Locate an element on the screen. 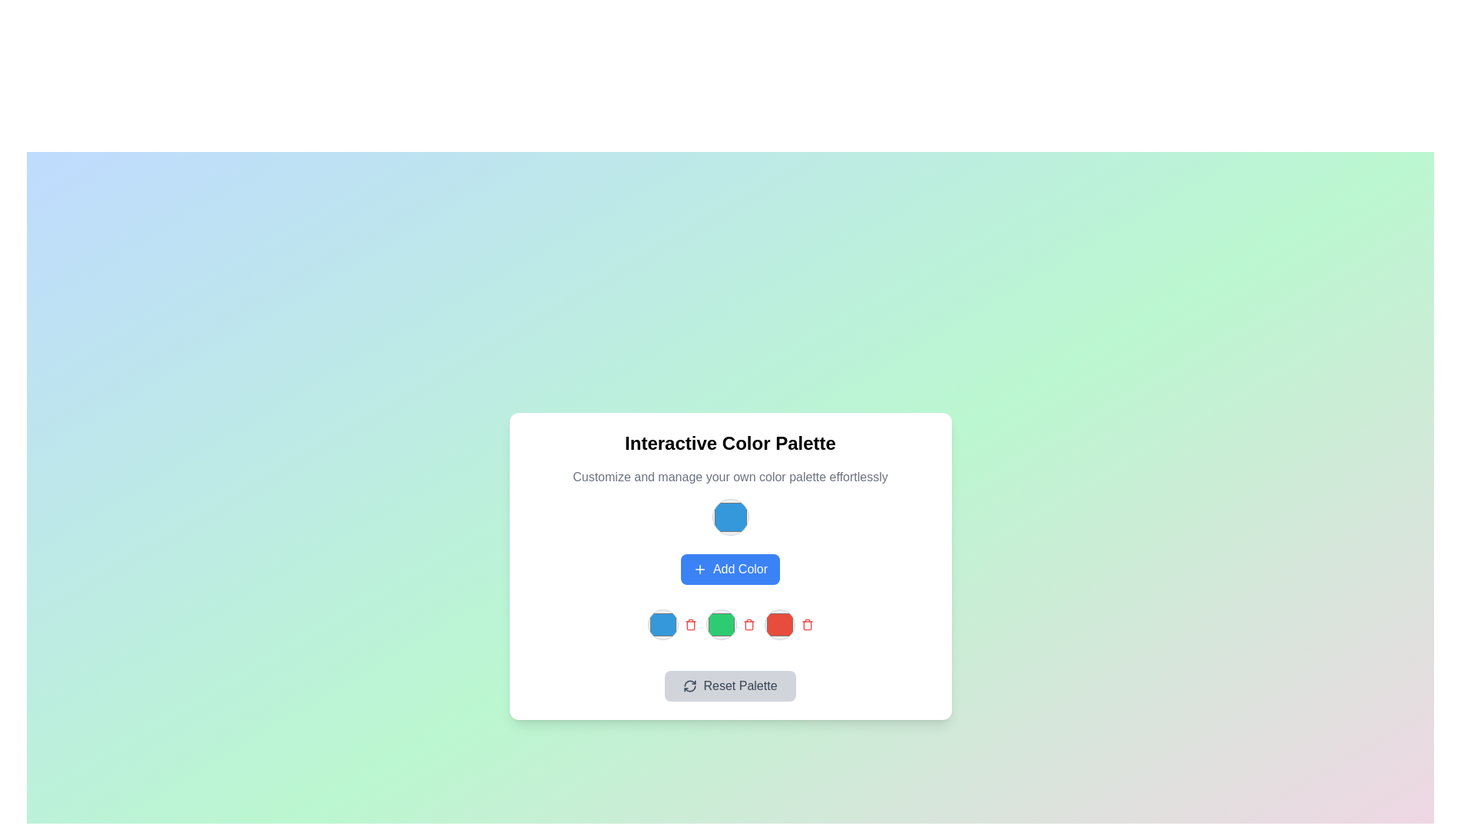 Image resolution: width=1474 pixels, height=829 pixels. the second color option button in the palette customization interface is located at coordinates (720, 624).